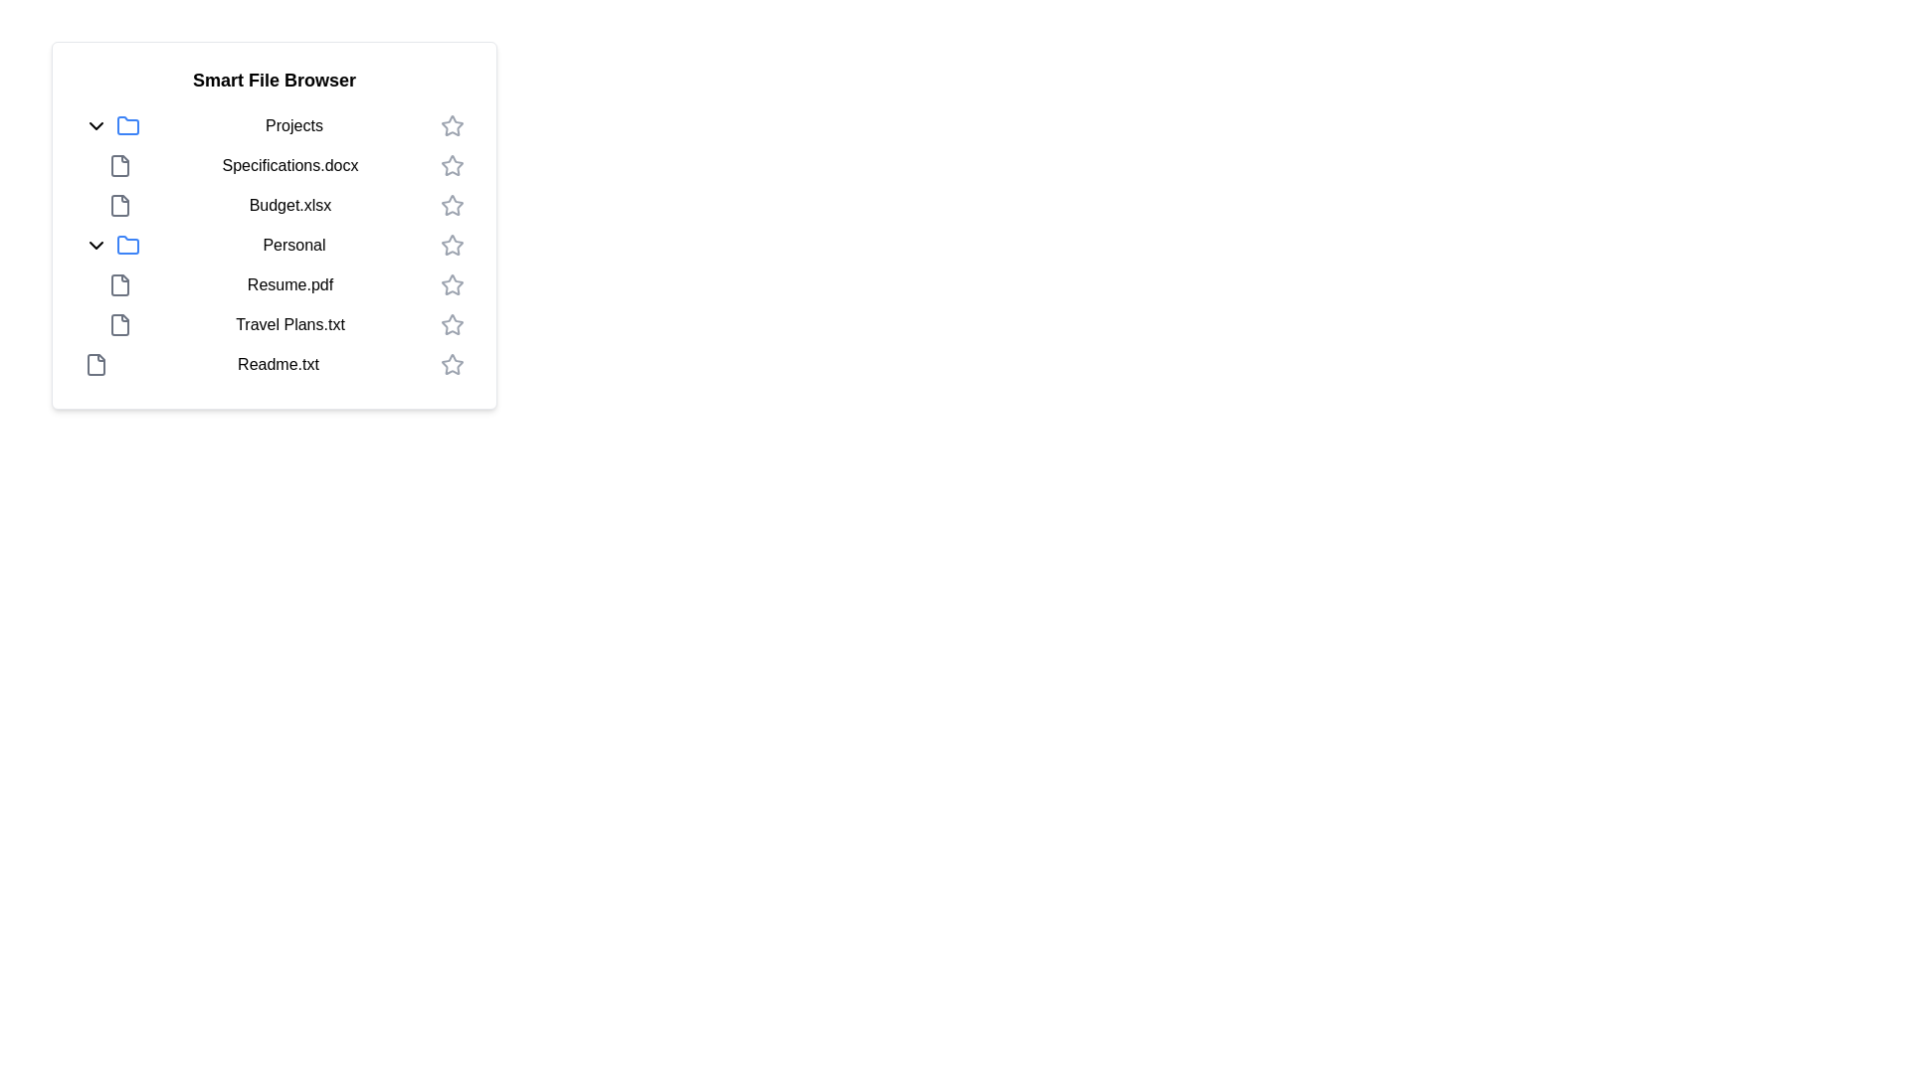 This screenshot has height=1074, width=1910. Describe the element at coordinates (118, 164) in the screenshot. I see `the graphical icon representing the file item labeled 'Specifications.docx' in the file explorer` at that location.